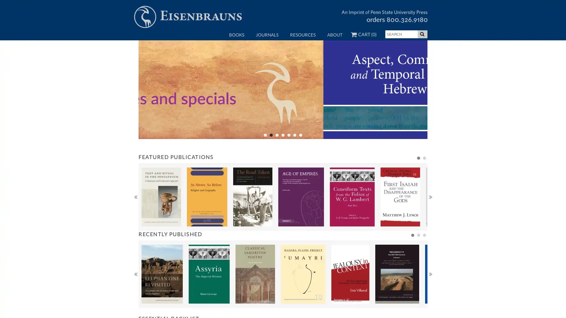 The height and width of the screenshot is (318, 566). What do you see at coordinates (300, 157) in the screenshot?
I see `7` at bounding box center [300, 157].